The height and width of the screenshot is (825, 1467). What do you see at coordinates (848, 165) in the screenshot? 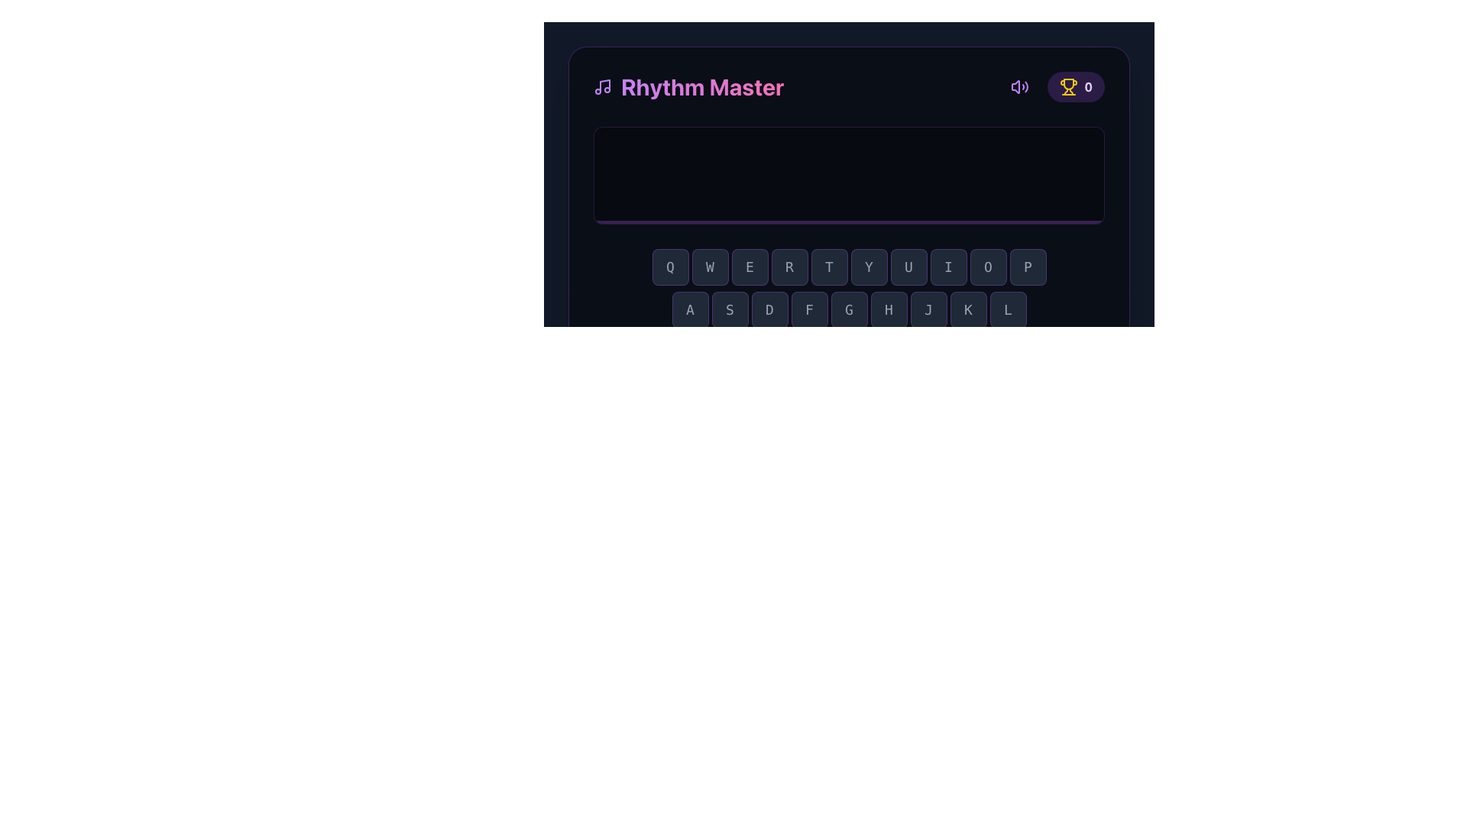
I see `the title 'Rhythm Master' in the dark-themed user interface component` at bounding box center [848, 165].